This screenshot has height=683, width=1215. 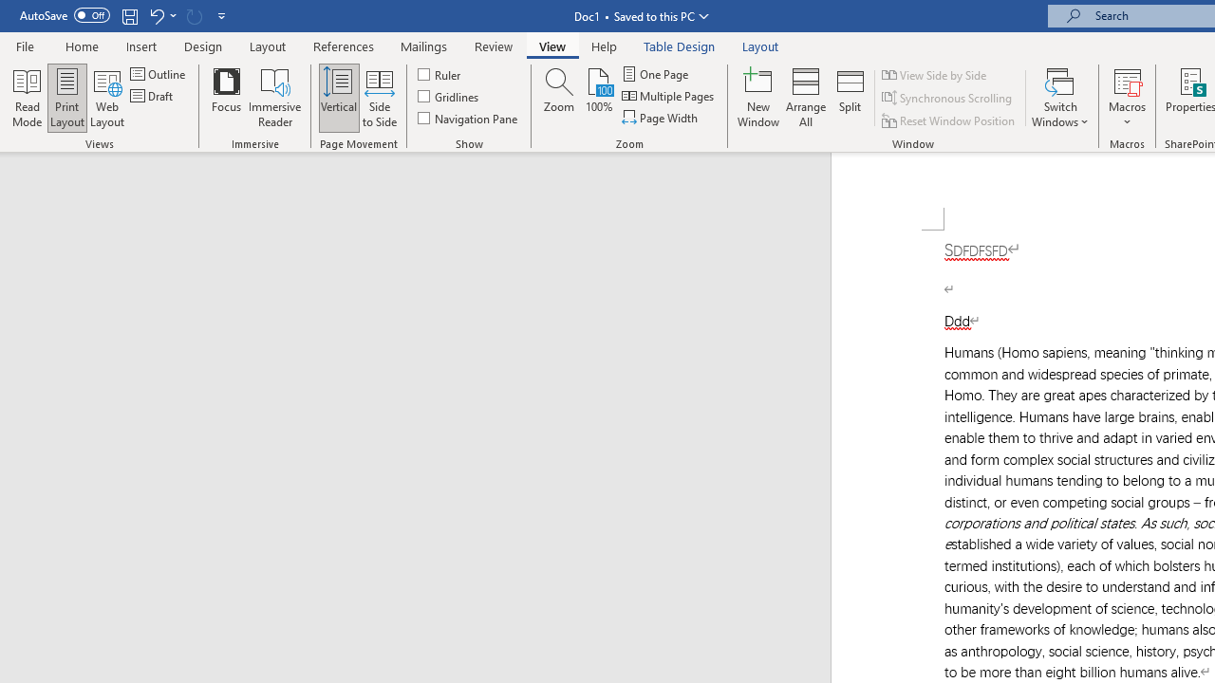 What do you see at coordinates (161, 15) in the screenshot?
I see `'Undo Apply Quick Style Set'` at bounding box center [161, 15].